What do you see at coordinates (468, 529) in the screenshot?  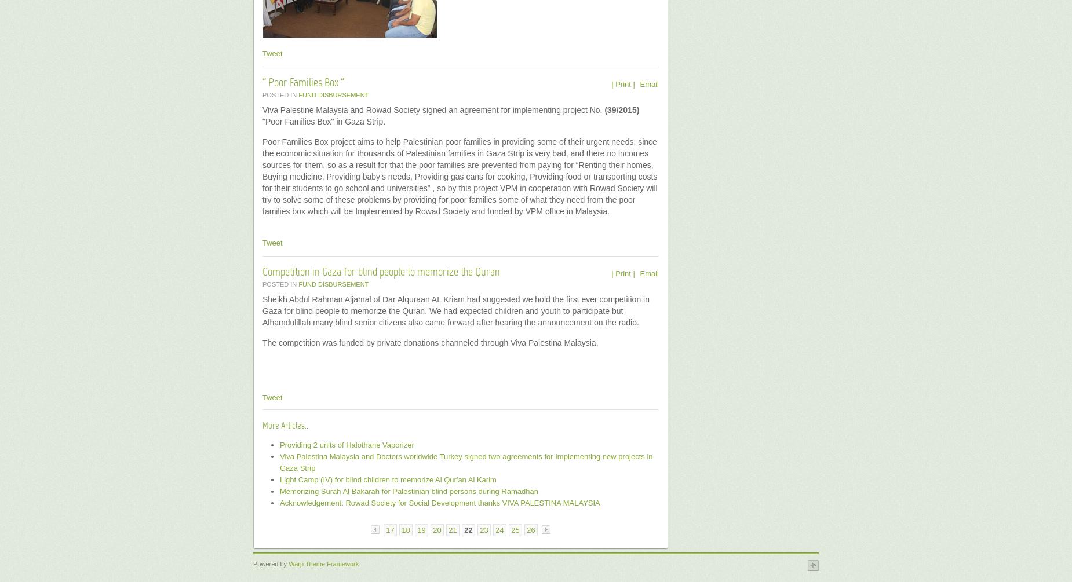 I see `'22'` at bounding box center [468, 529].